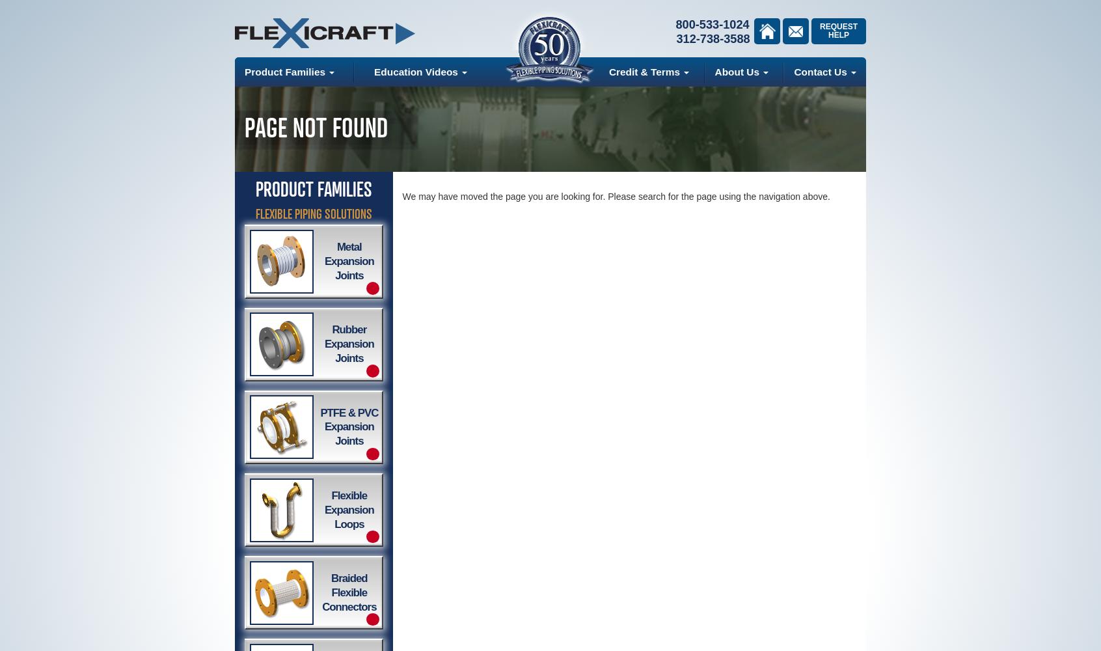 Image resolution: width=1101 pixels, height=651 pixels. Describe the element at coordinates (349, 344) in the screenshot. I see `'Rubber Expansion Joints'` at that location.